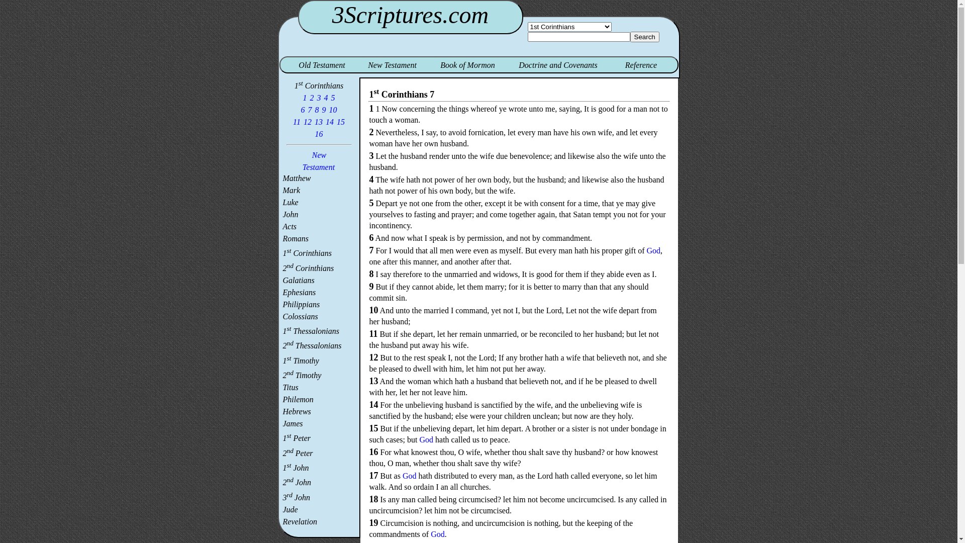 The image size is (965, 543). What do you see at coordinates (318, 98) in the screenshot?
I see `'3'` at bounding box center [318, 98].